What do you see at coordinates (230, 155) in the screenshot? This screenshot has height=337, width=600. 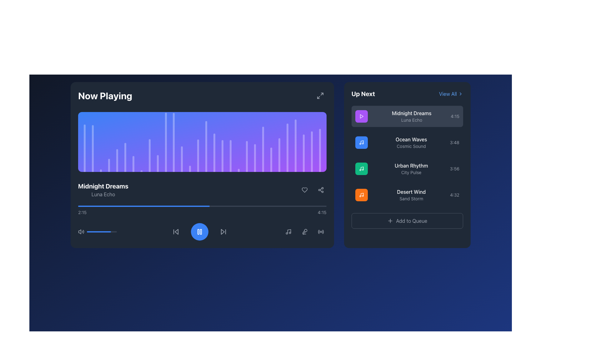 I see `the 18th vertical bar with a rounded top in the waveform chart of the music player interface, styled in semi-transparent white color` at bounding box center [230, 155].